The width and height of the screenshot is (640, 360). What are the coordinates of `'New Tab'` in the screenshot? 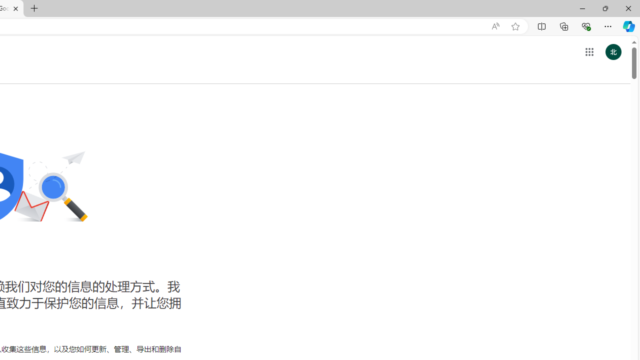 It's located at (34, 8).